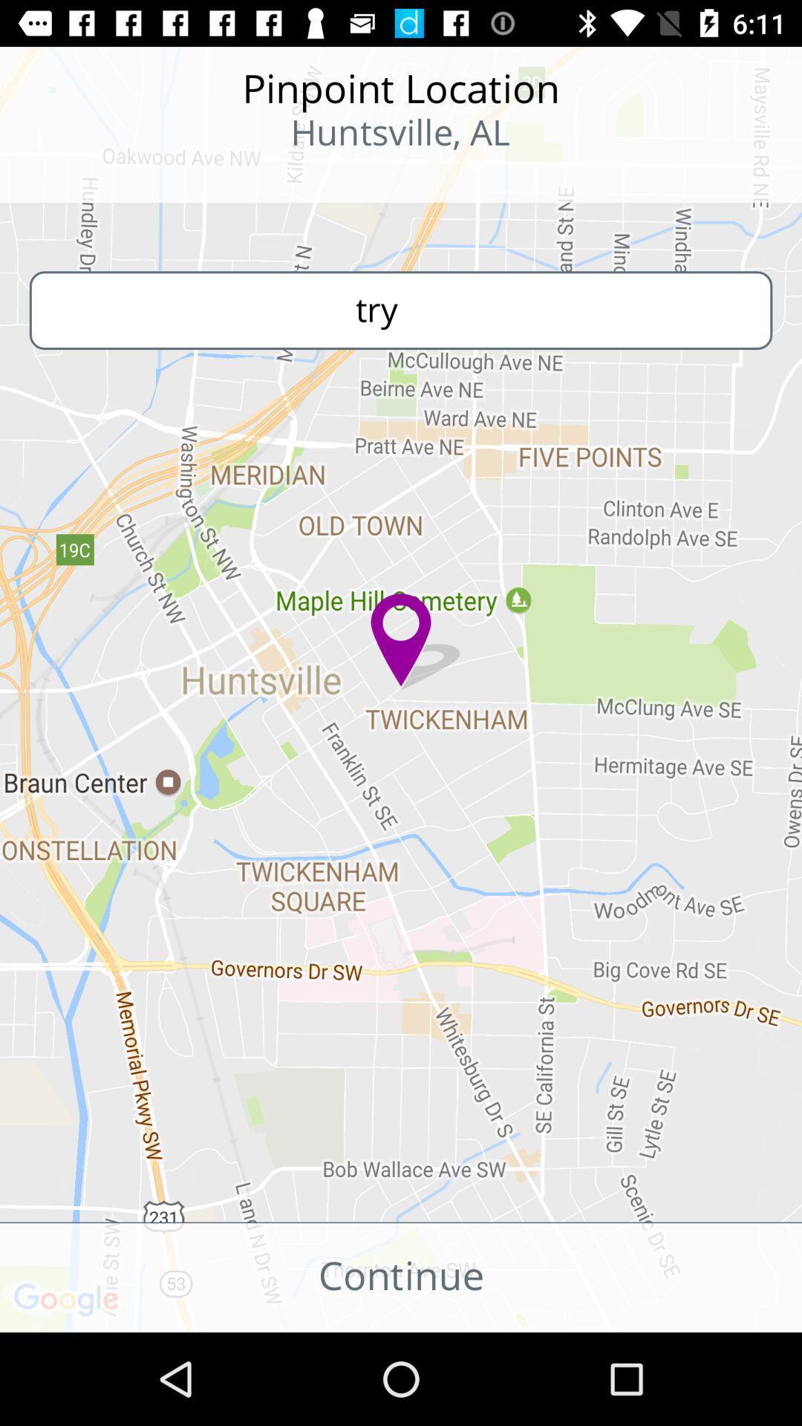  I want to click on the more icon, so click(97, 178).